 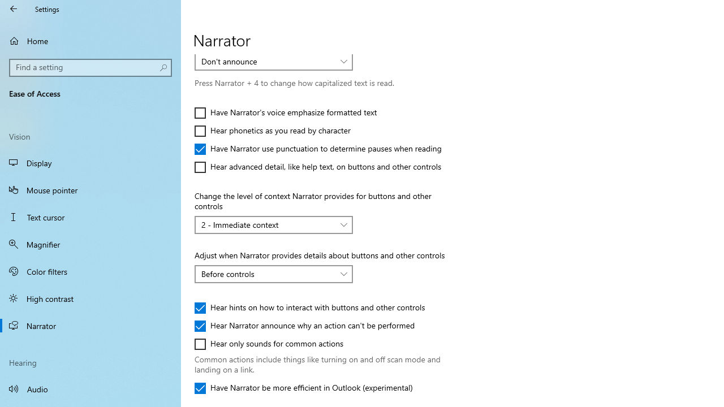 I want to click on 'Hear Narrator announce why an action can', so click(x=304, y=326).